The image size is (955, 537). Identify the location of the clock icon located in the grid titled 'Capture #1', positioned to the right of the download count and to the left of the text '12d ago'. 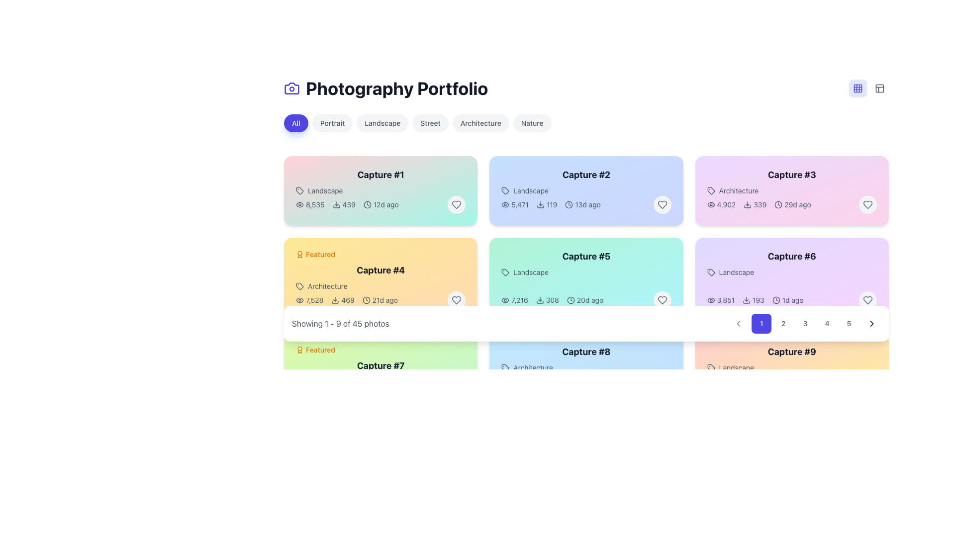
(367, 204).